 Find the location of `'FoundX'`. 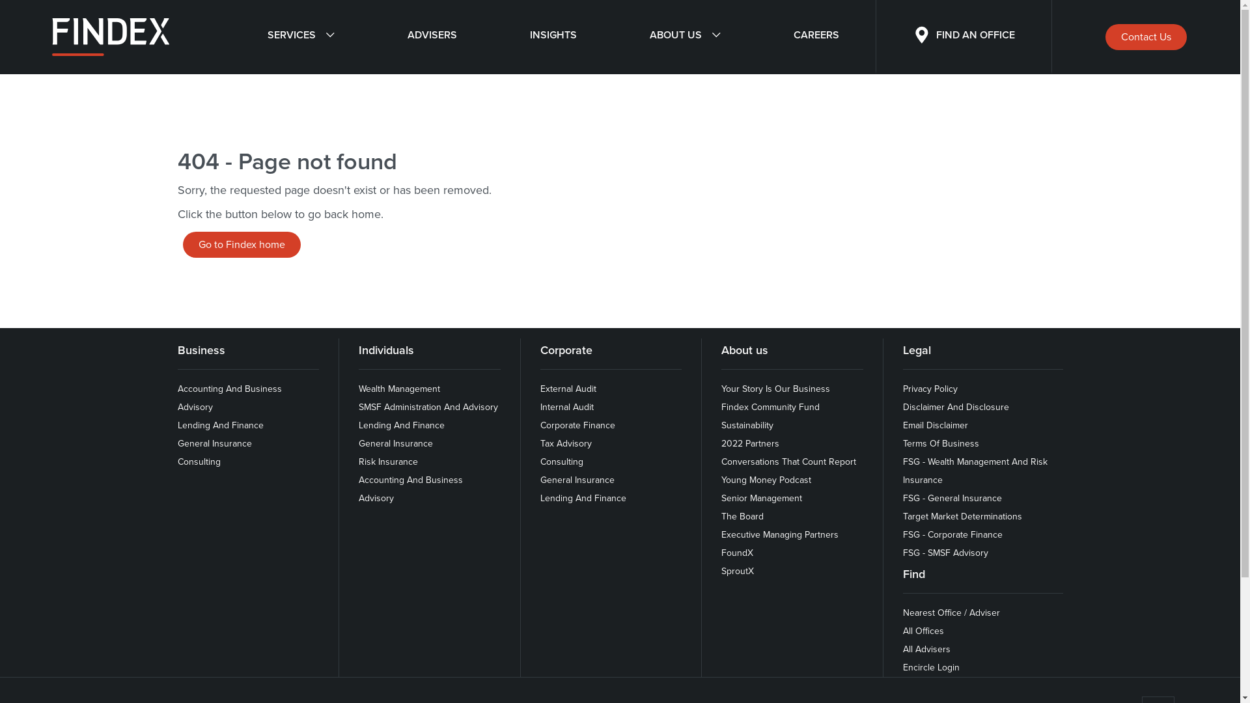

'FoundX' is located at coordinates (737, 553).